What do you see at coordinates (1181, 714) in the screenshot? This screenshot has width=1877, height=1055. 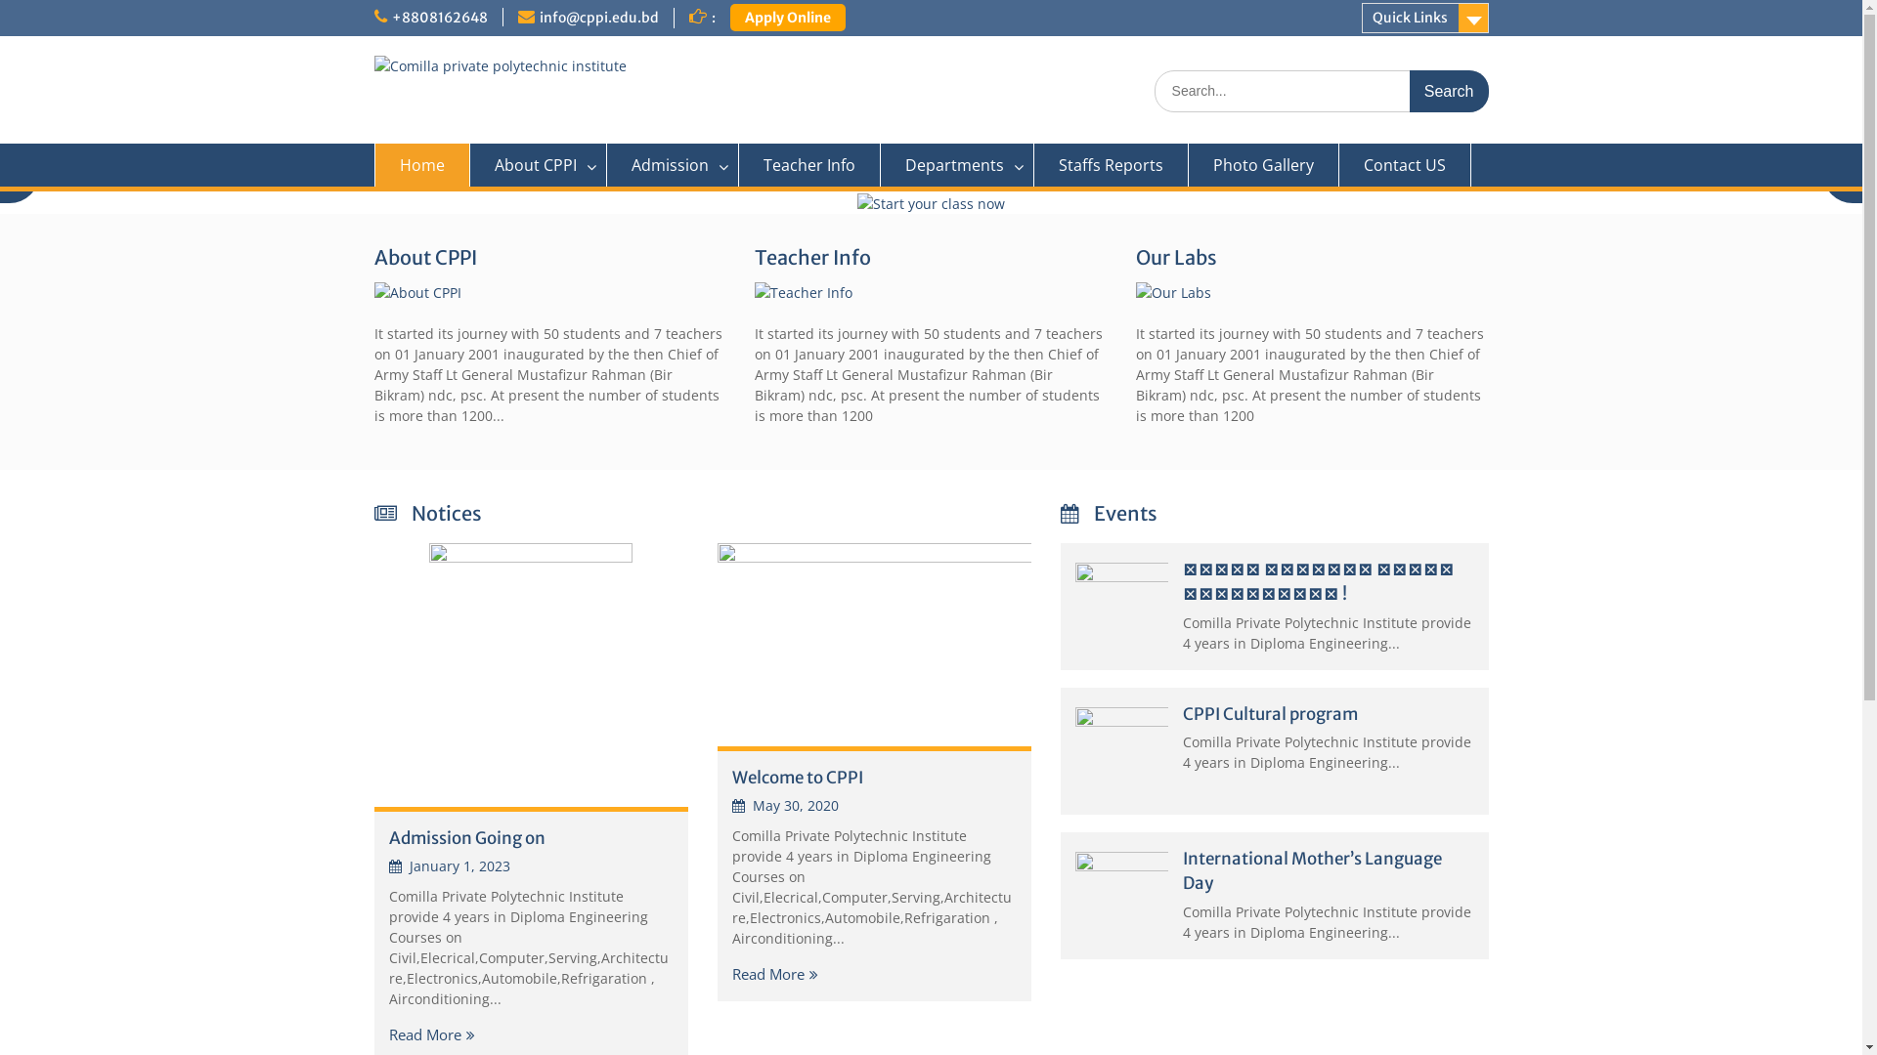 I see `'CPPI Cultural program'` at bounding box center [1181, 714].